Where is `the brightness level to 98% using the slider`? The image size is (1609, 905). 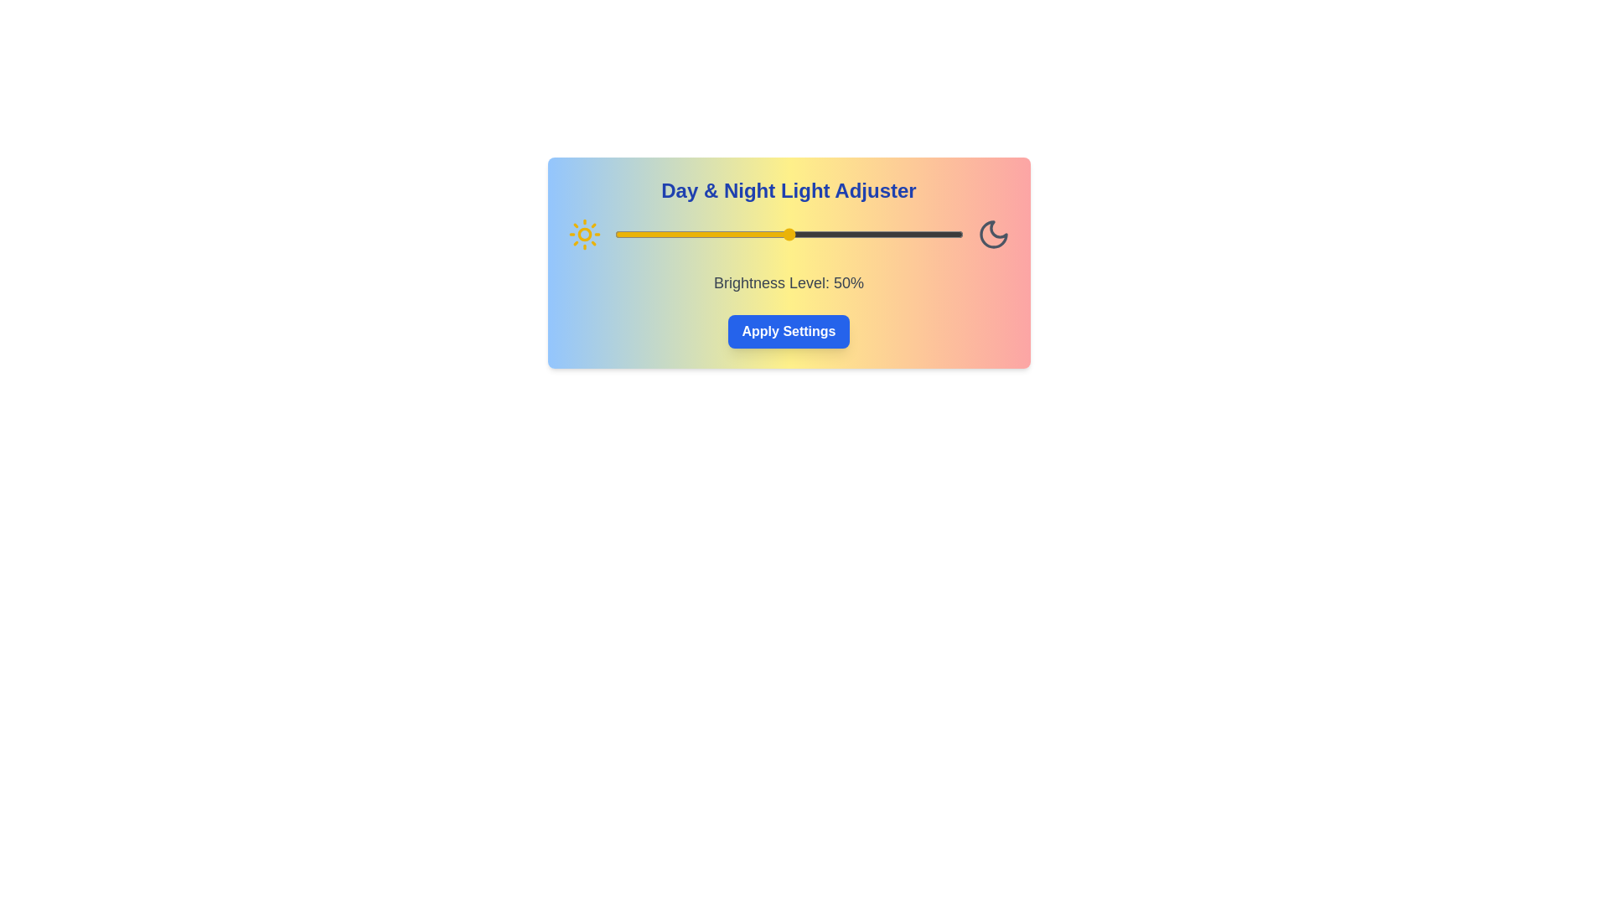 the brightness level to 98% using the slider is located at coordinates (956, 235).